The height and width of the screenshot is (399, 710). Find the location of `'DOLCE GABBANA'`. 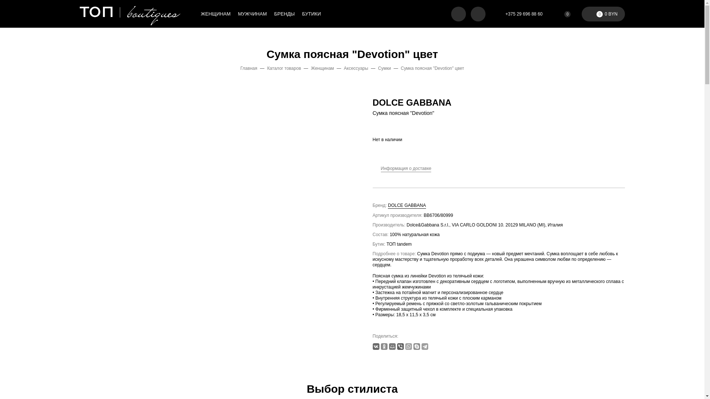

'DOLCE GABBANA' is located at coordinates (406, 205).